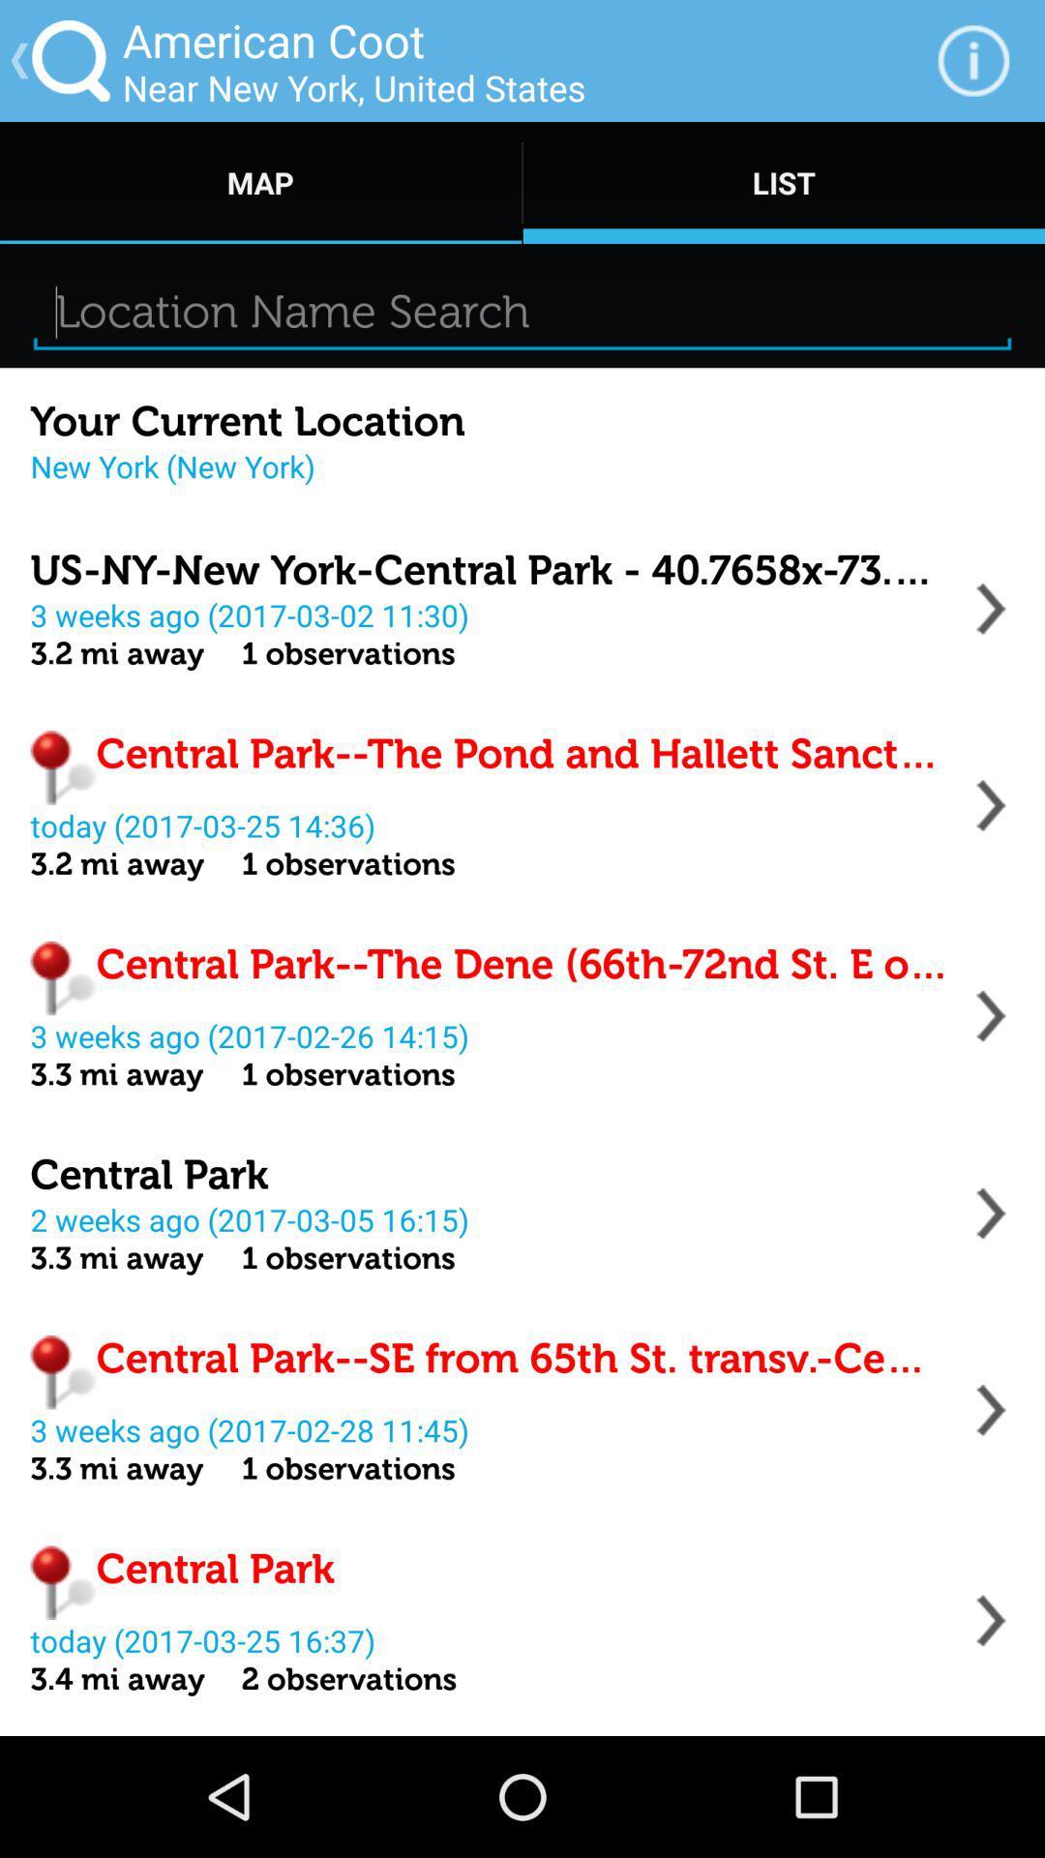 The width and height of the screenshot is (1045, 1858). What do you see at coordinates (489, 569) in the screenshot?
I see `item below the new york new icon` at bounding box center [489, 569].